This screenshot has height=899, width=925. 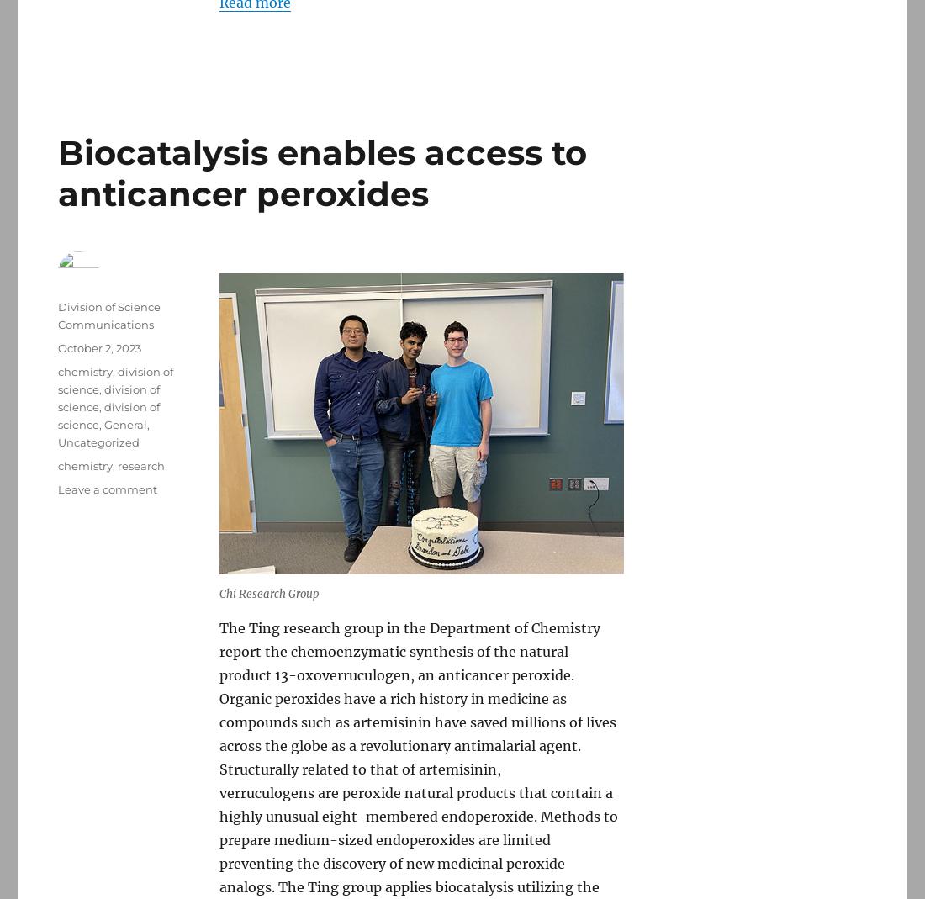 I want to click on 'Biocatalysis enables access to anticancer peroxides', so click(x=322, y=172).